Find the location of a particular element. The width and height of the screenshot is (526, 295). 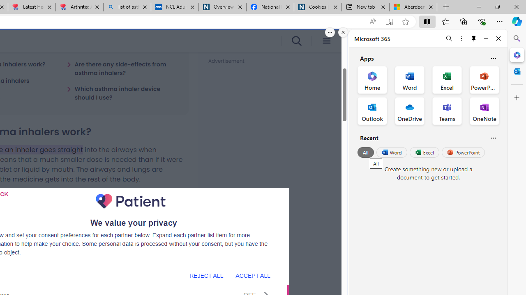

'NCL Adult Asthma Inhaler Choice Guideline' is located at coordinates (174, 7).